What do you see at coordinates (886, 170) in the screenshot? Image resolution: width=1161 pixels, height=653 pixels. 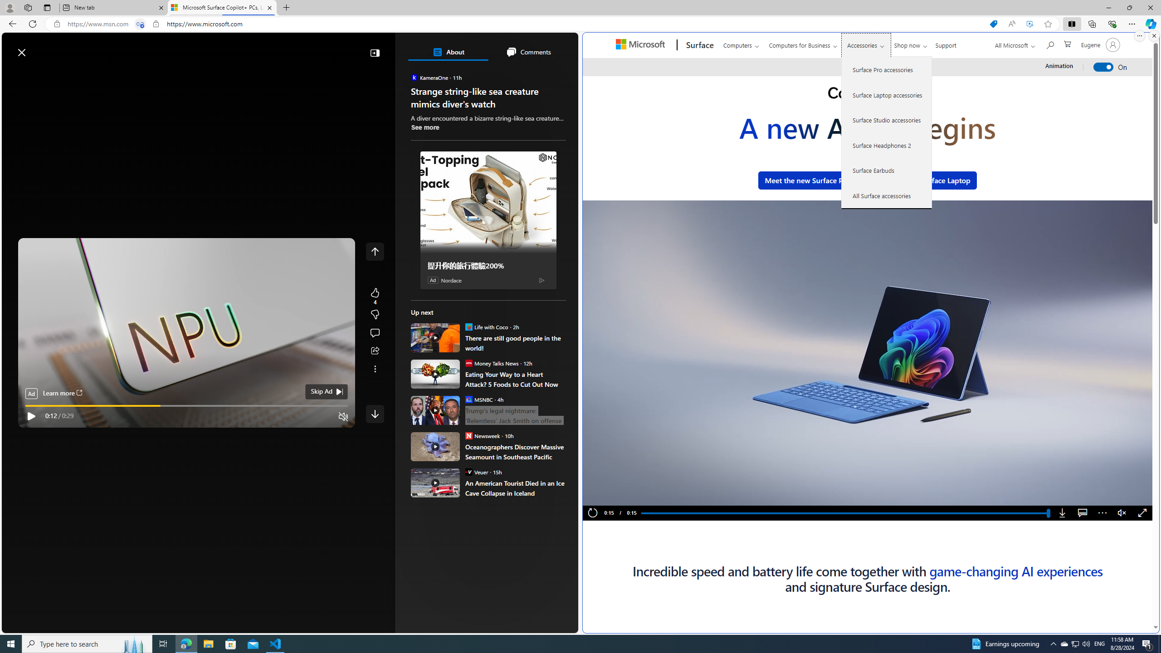 I see `'Surface Earbuds'` at bounding box center [886, 170].